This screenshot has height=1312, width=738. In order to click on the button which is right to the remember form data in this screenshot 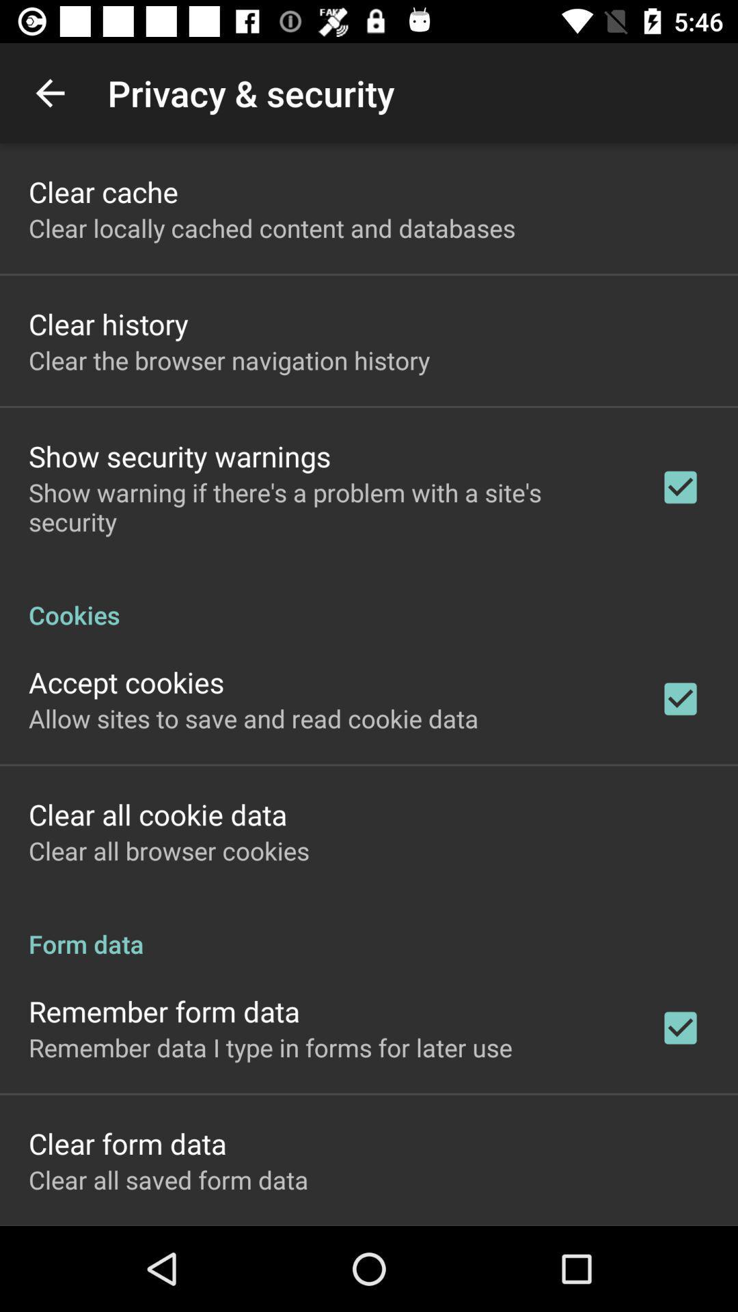, I will do `click(680, 1028)`.